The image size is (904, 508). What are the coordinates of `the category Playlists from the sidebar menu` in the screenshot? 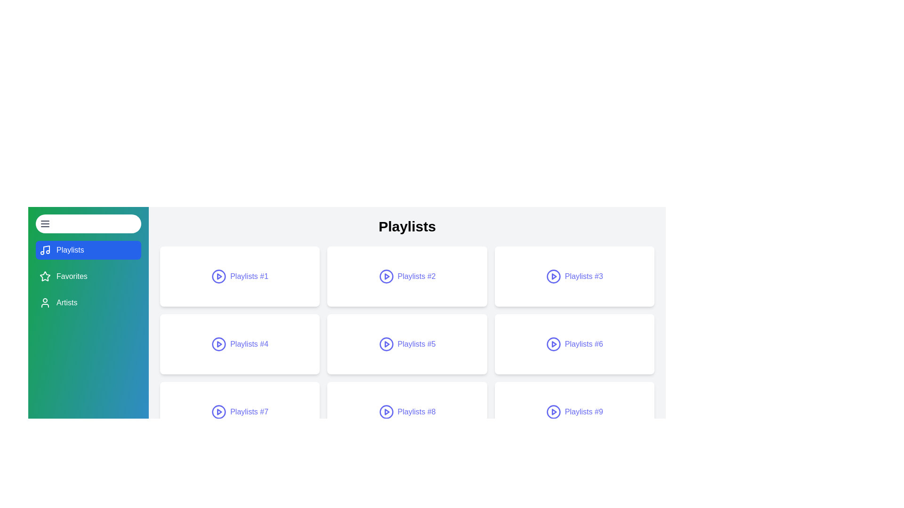 It's located at (88, 250).